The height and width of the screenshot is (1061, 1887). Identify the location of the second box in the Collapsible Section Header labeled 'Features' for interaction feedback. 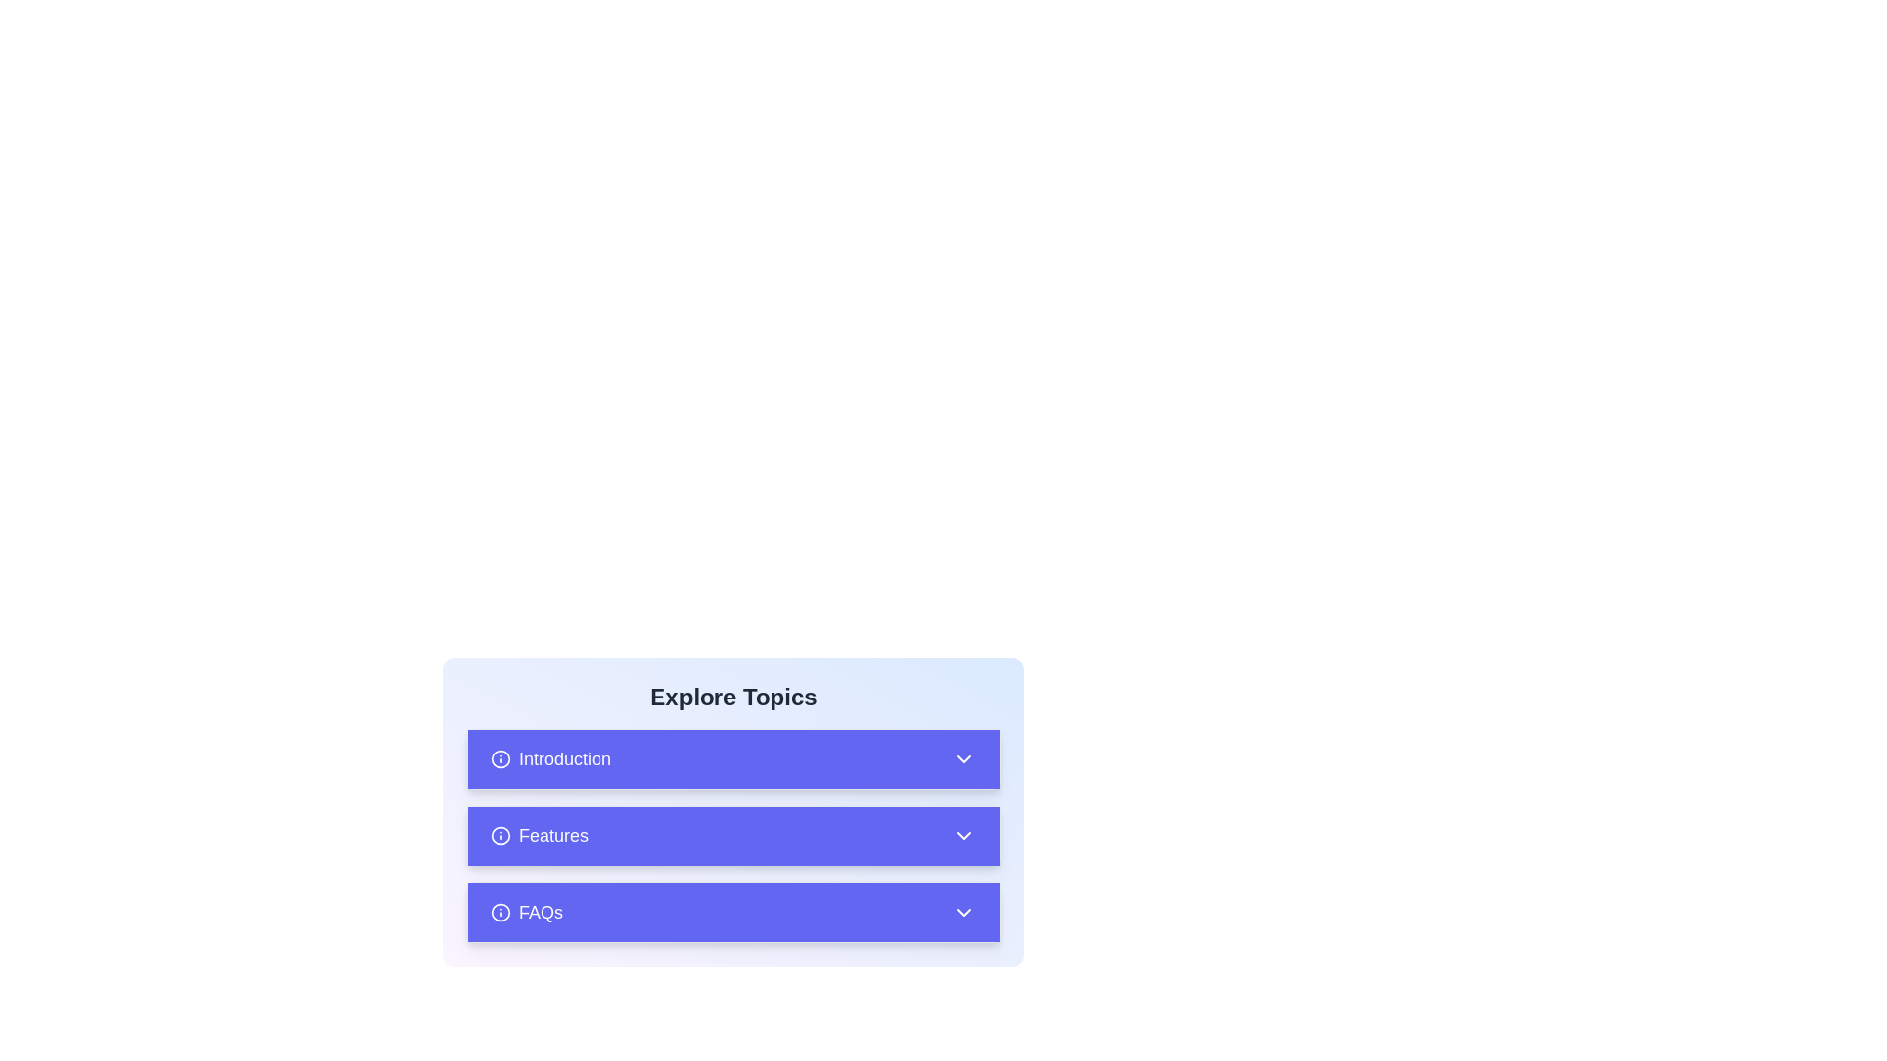
(732, 811).